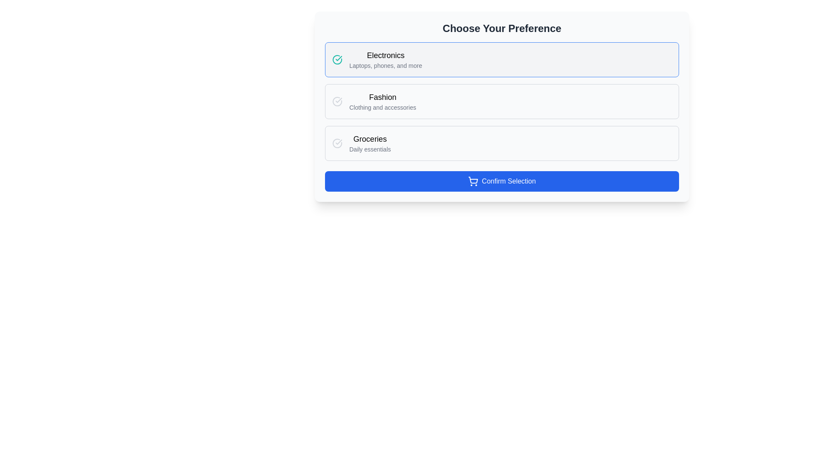 This screenshot has height=461, width=820. What do you see at coordinates (337, 59) in the screenshot?
I see `the circular teal-colored selection indicator icon with a checkmark, located to the left of the 'Electronics' preference option in the 'Choose Your Preference' list` at bounding box center [337, 59].